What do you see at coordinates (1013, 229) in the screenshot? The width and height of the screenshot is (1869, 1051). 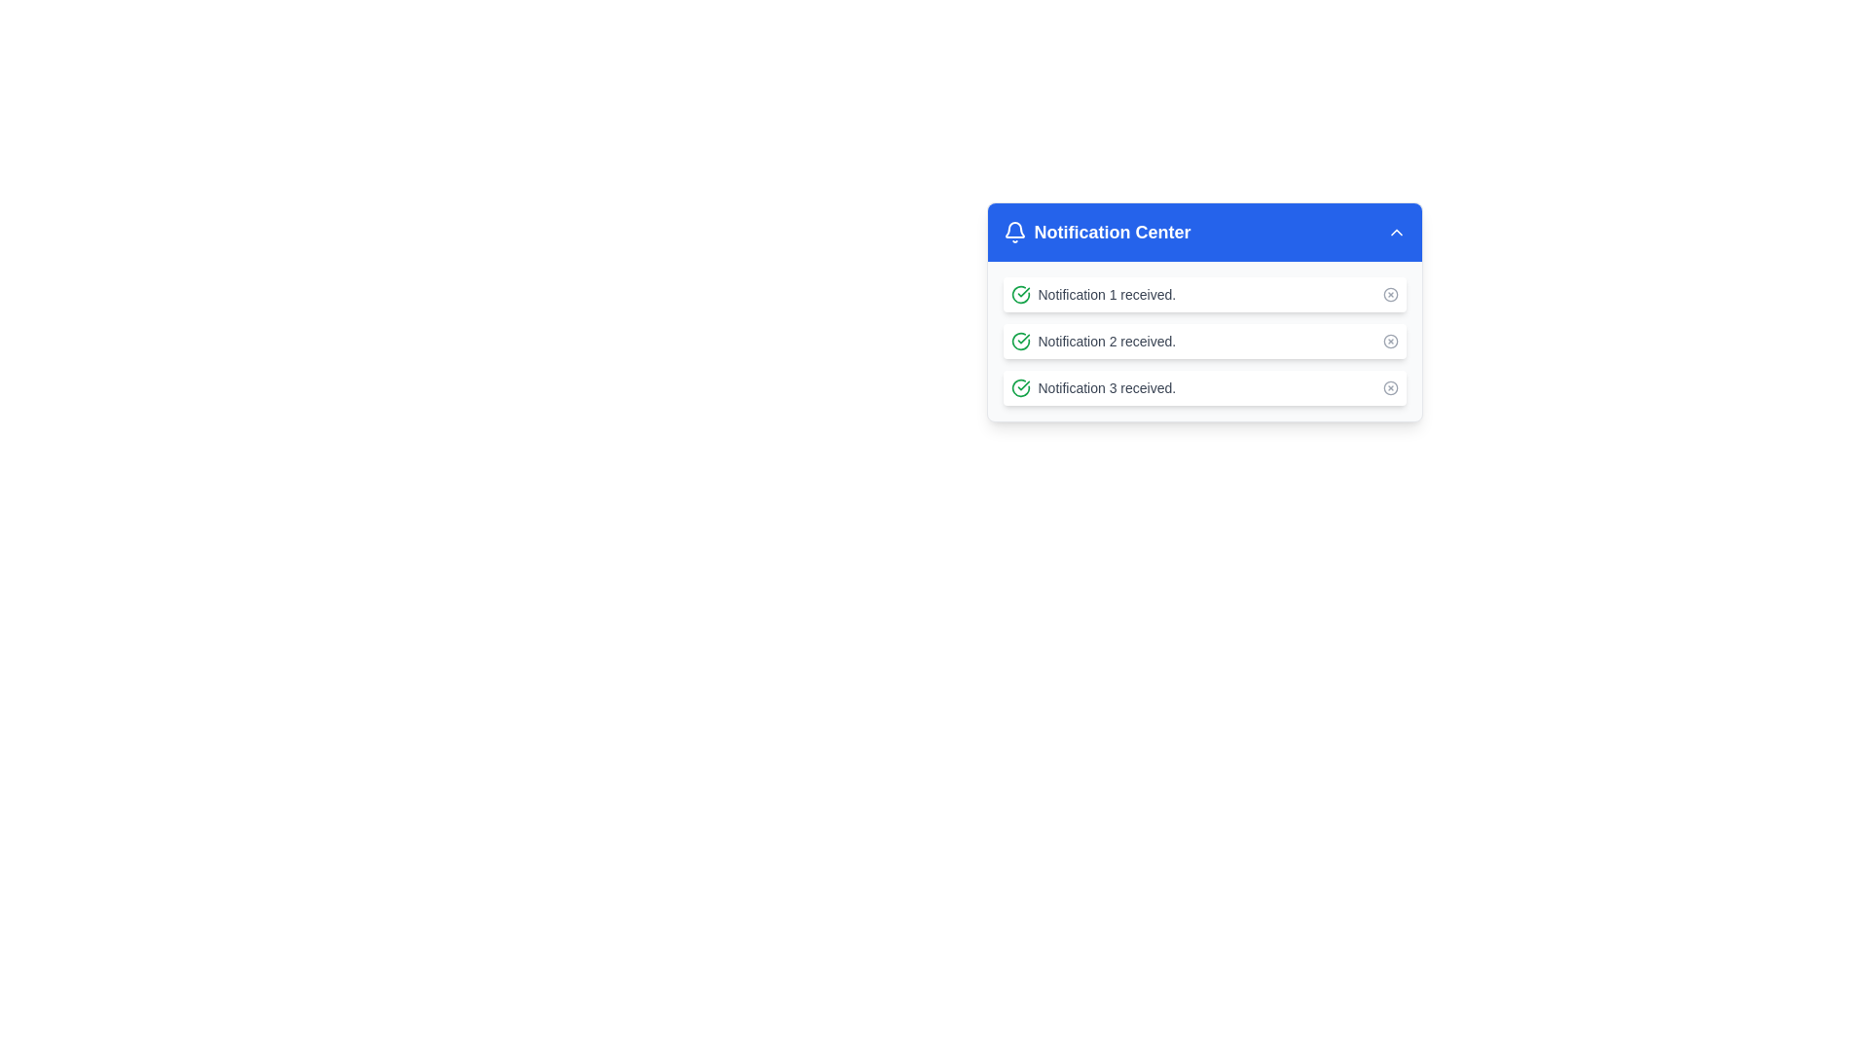 I see `the notification icon located at the top-left corner of the notification center interface, adjacent to the text 'Notification Center'` at bounding box center [1013, 229].